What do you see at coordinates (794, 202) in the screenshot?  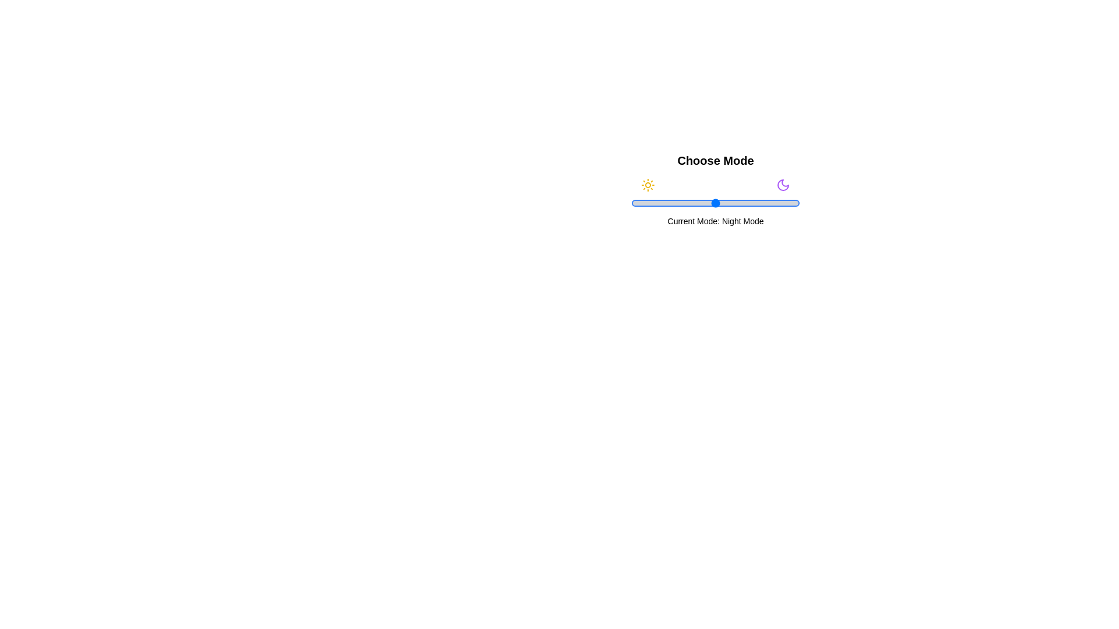 I see `the slider to 97% to set the mode` at bounding box center [794, 202].